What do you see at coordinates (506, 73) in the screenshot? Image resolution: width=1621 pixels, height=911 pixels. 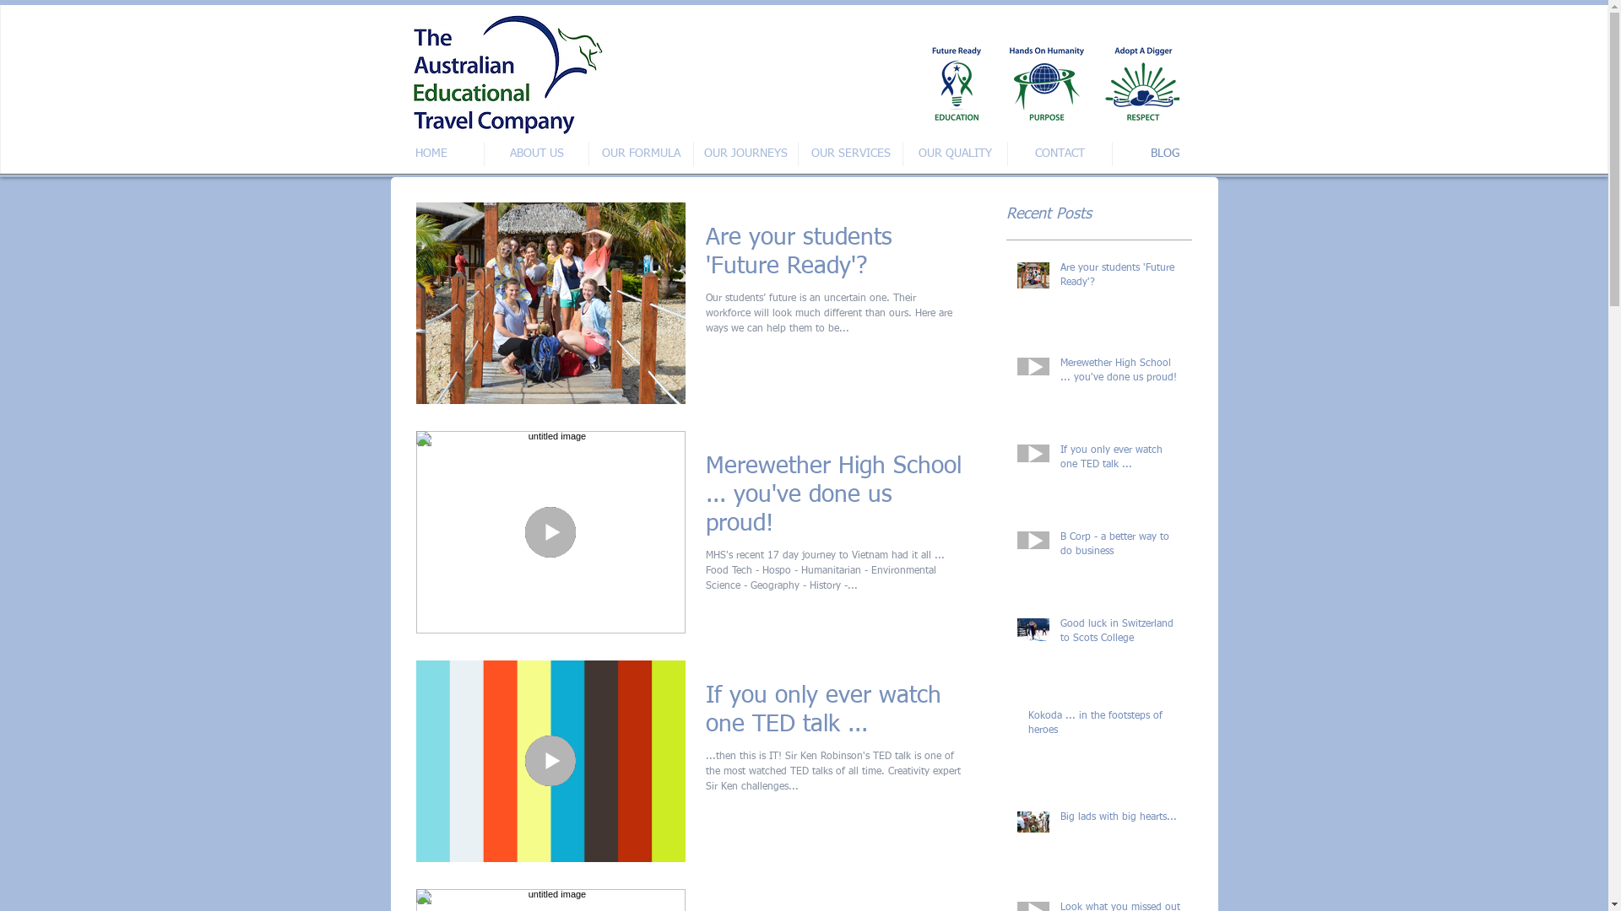 I see `'Screenshot 2016-10-04 19.30.11.png'` at bounding box center [506, 73].